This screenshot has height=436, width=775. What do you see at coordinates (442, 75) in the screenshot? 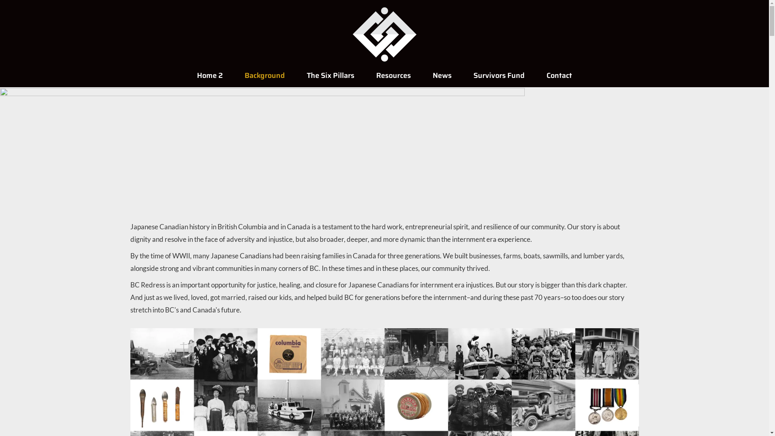
I see `'News'` at bounding box center [442, 75].